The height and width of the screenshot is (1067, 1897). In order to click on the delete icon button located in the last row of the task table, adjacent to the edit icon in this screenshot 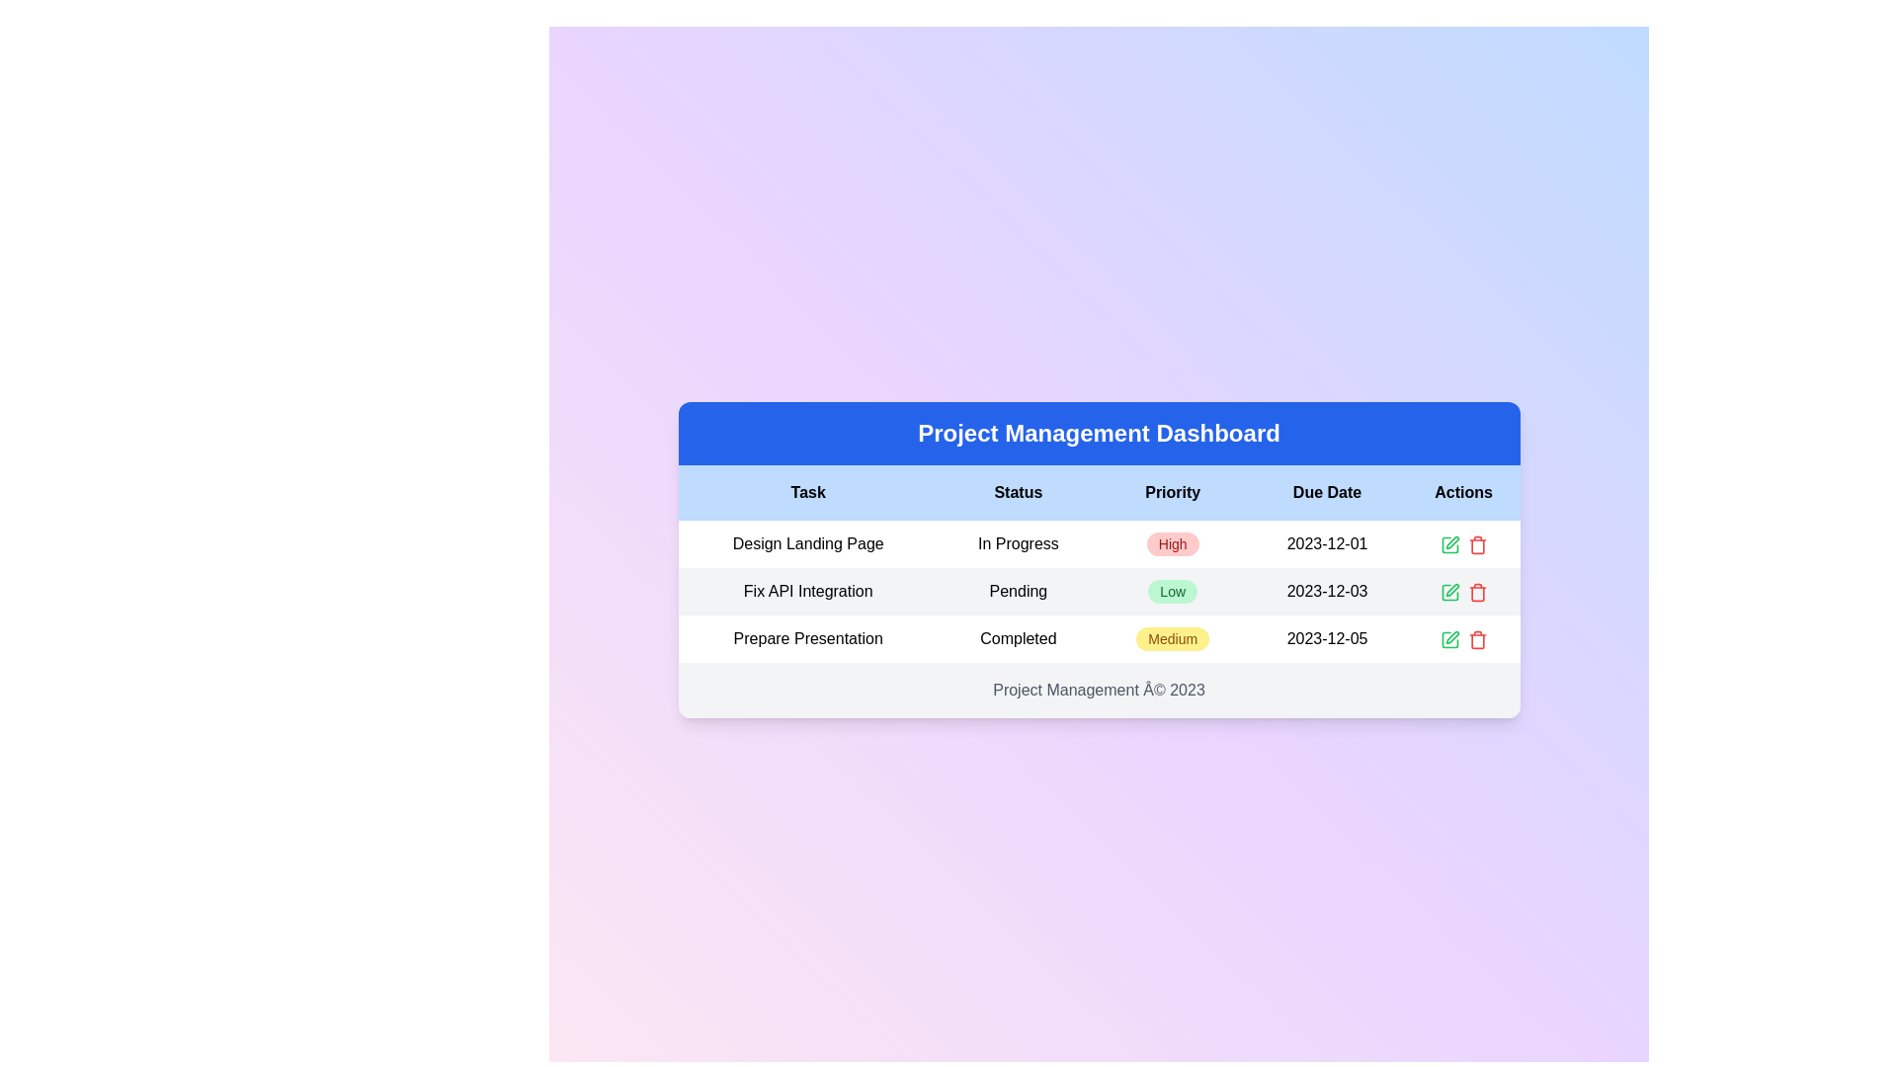, I will do `click(1477, 639)`.